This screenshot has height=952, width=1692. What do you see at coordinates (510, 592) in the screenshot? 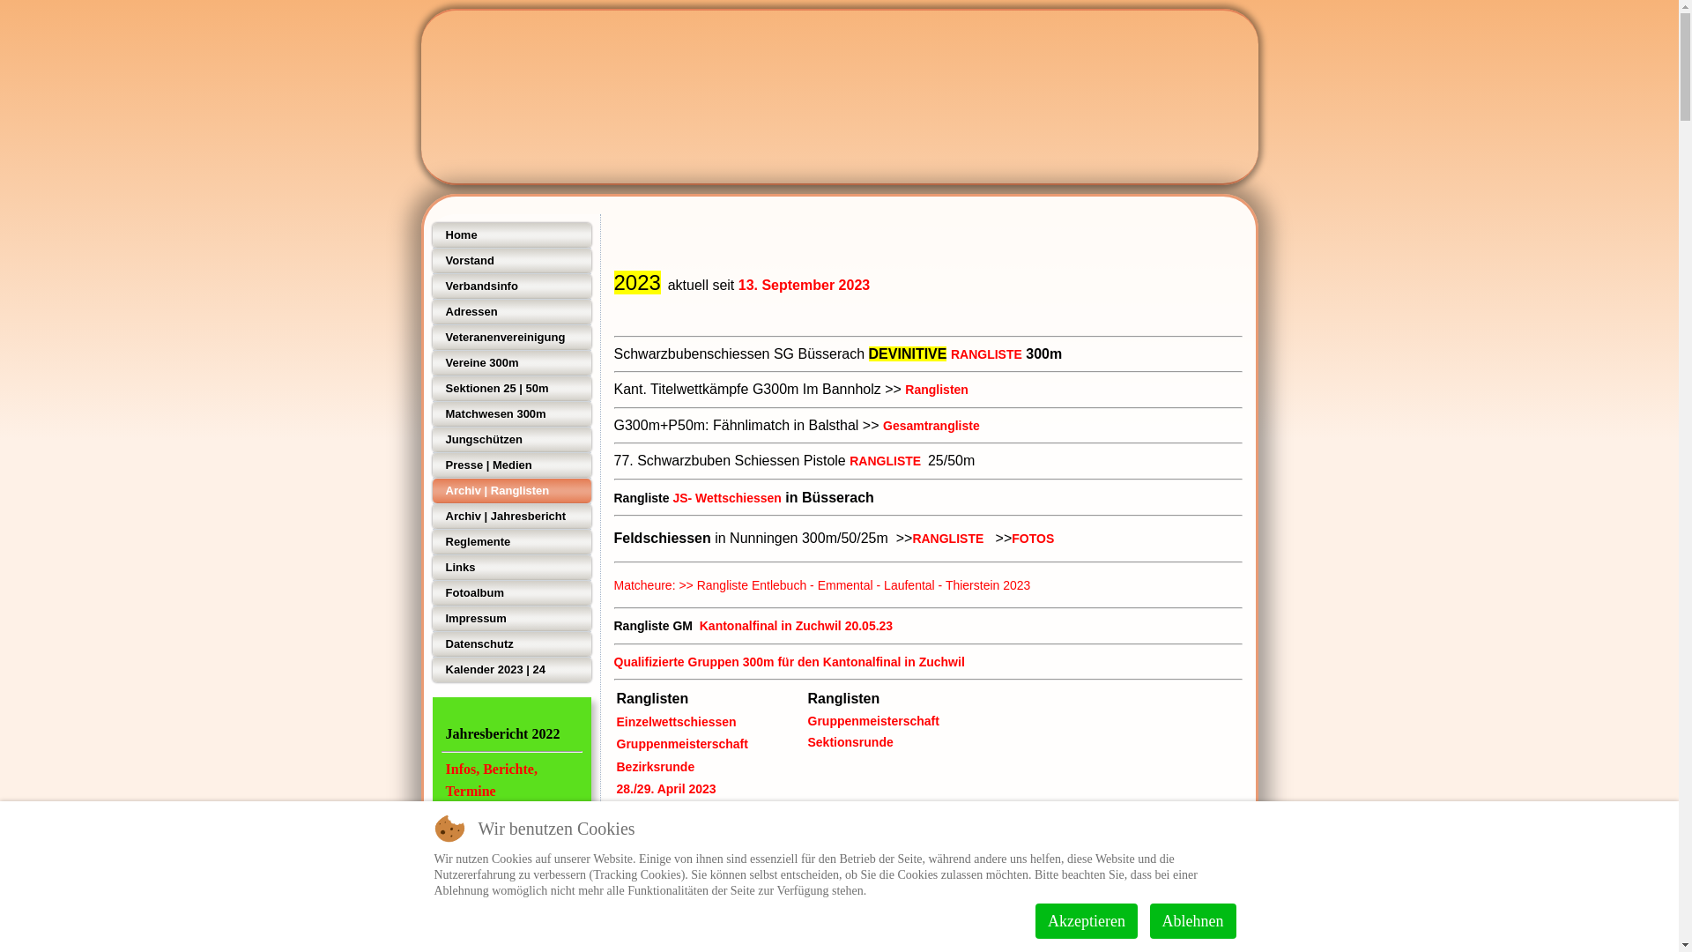
I see `'Fotoalbum'` at bounding box center [510, 592].